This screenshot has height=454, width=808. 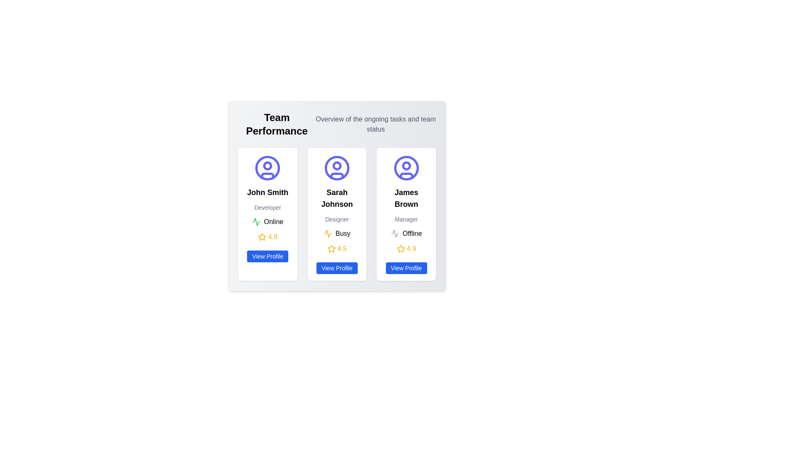 I want to click on text label 'Offline' located beneath the 'Manager' label in the profile card of 'James Brown - Manager' which indicates availability, so click(x=412, y=233).